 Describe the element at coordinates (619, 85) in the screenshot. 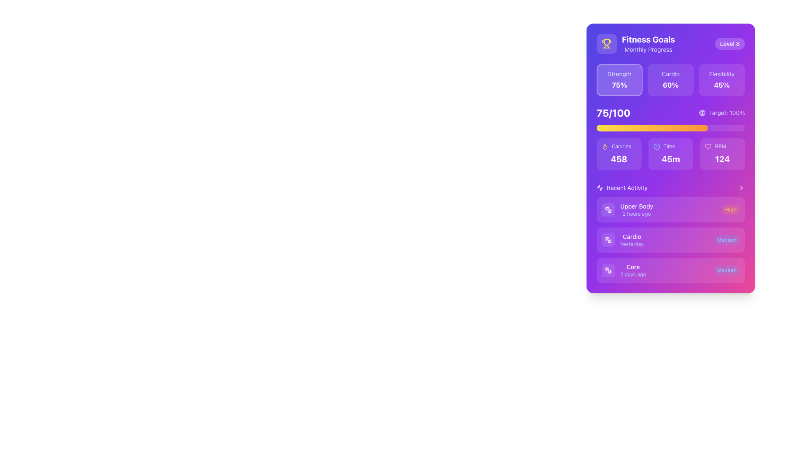

I see `the text display showing '75%' in bold white font, located beneath the 'Strength' label and centered within its rectangular box` at that location.